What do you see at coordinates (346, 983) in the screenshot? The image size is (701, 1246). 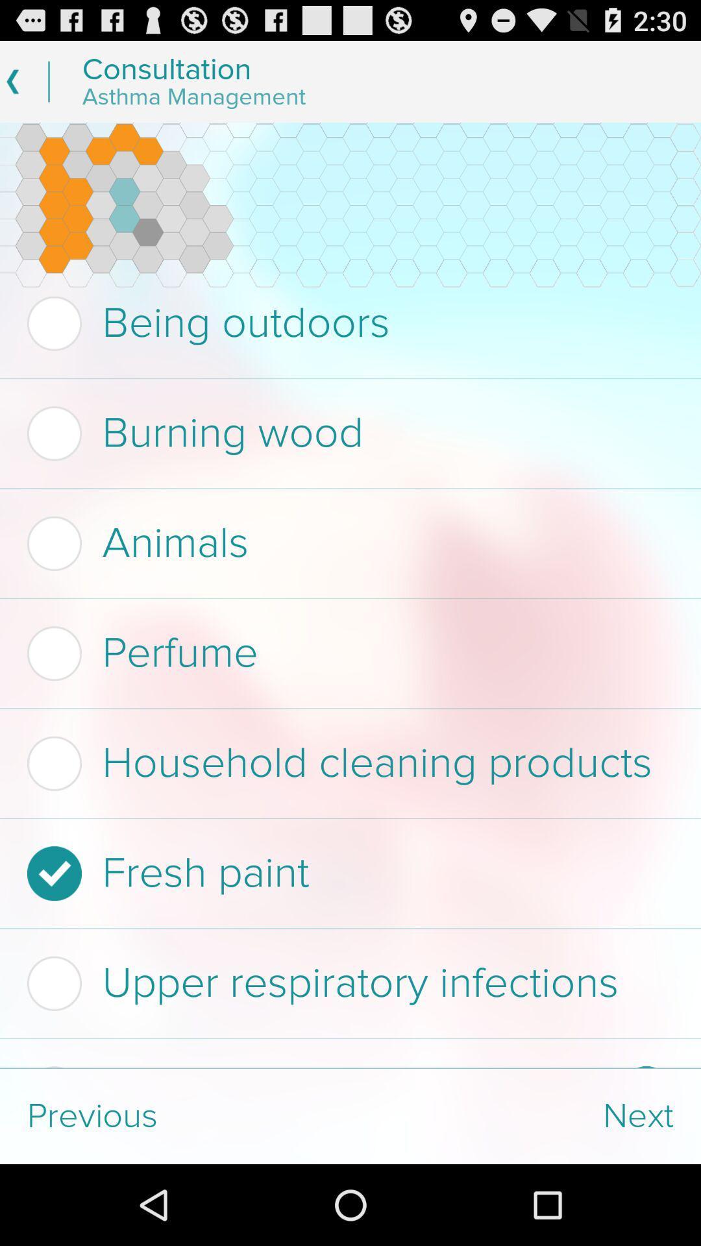 I see `the upper respiratory infections icon` at bounding box center [346, 983].